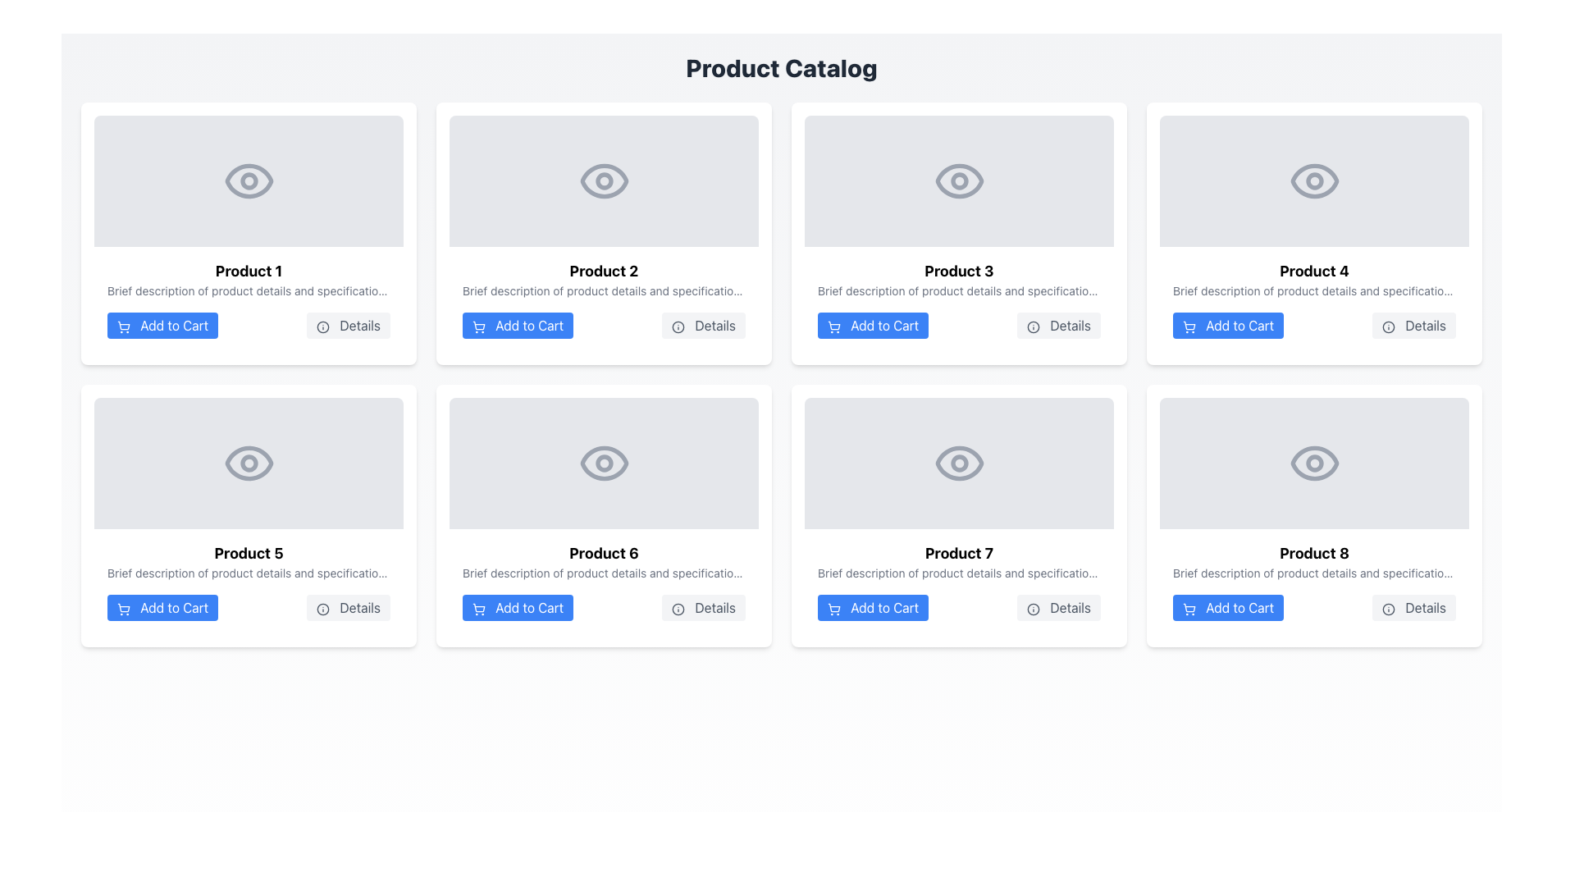  What do you see at coordinates (959, 271) in the screenshot?
I see `text from the product title label located at the top of the product catalog interface, which is centrally positioned in the grid layout` at bounding box center [959, 271].